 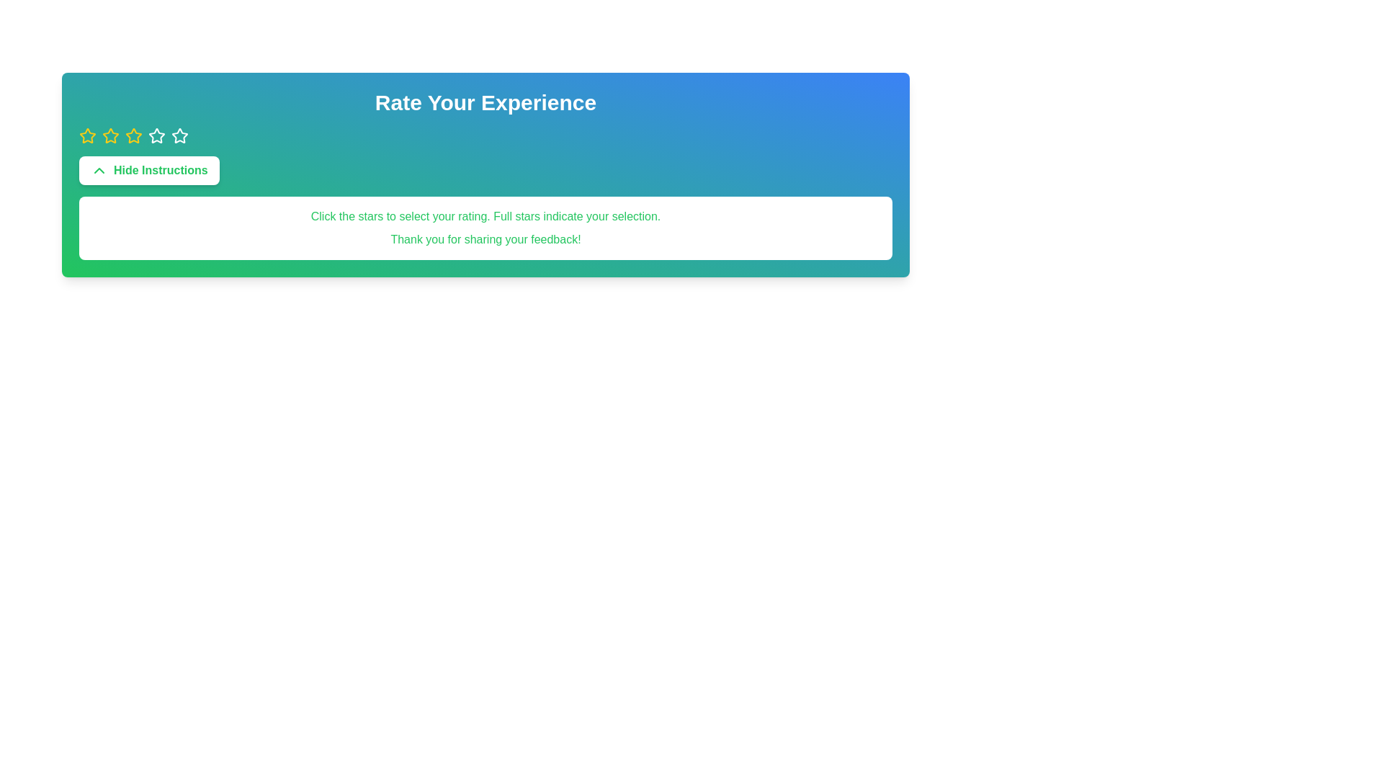 What do you see at coordinates (179, 136) in the screenshot?
I see `the fifth star icon in the rating system located under 'Rate Your Experience.'` at bounding box center [179, 136].